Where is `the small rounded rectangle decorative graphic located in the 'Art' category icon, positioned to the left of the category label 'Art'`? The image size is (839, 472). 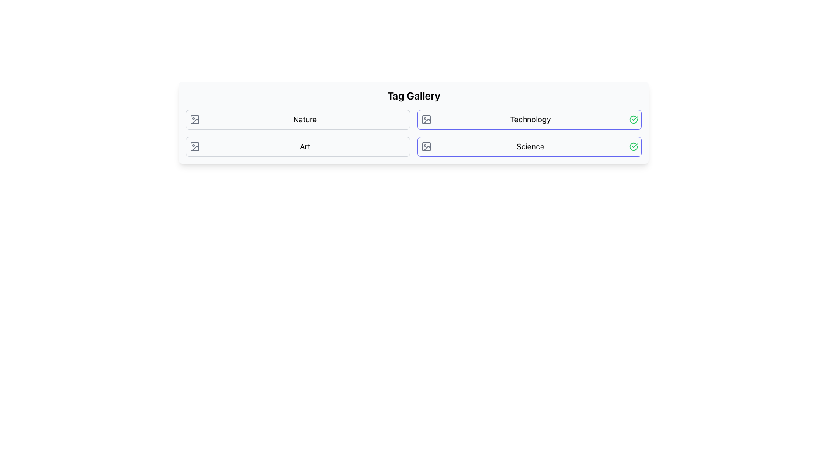
the small rounded rectangle decorative graphic located in the 'Art' category icon, positioned to the left of the category label 'Art' is located at coordinates (194, 146).